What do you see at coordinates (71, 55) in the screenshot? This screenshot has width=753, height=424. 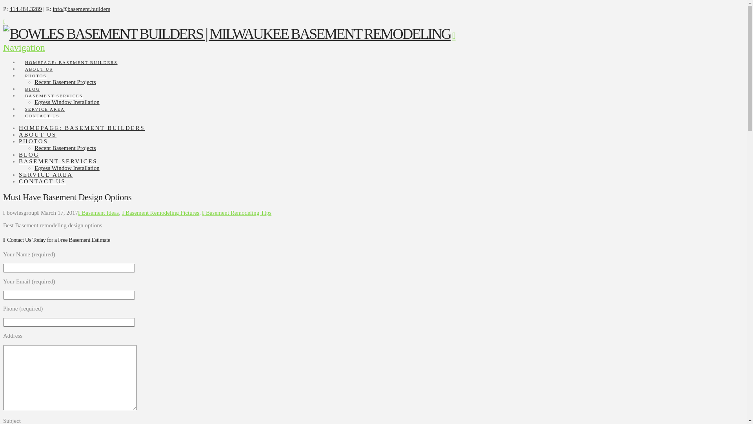 I see `'HOMEPAGE: BASEMENT BUILDERS'` at bounding box center [71, 55].